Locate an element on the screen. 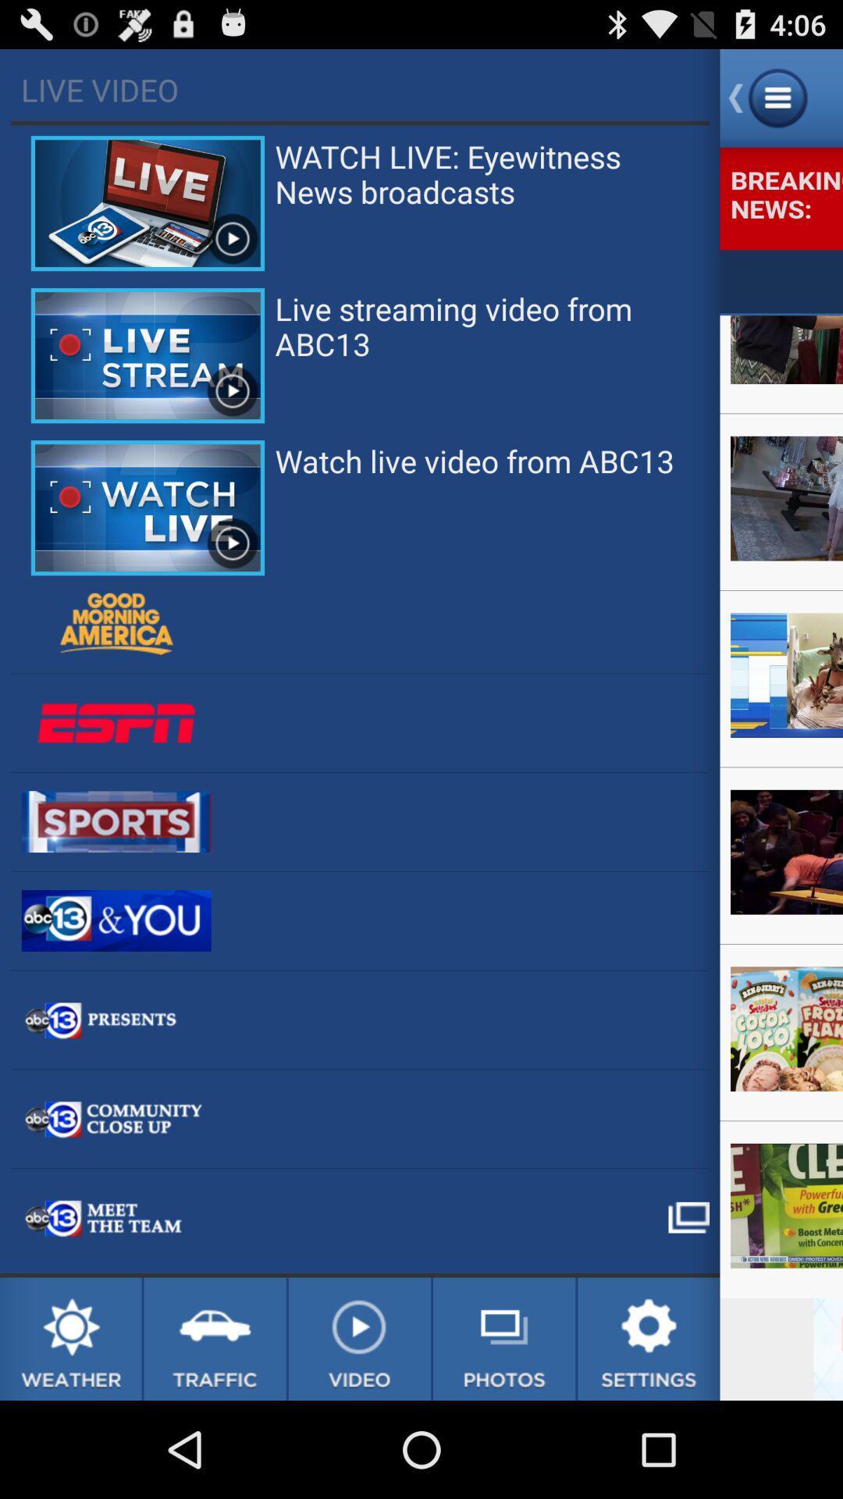  weather is located at coordinates (70, 1338).